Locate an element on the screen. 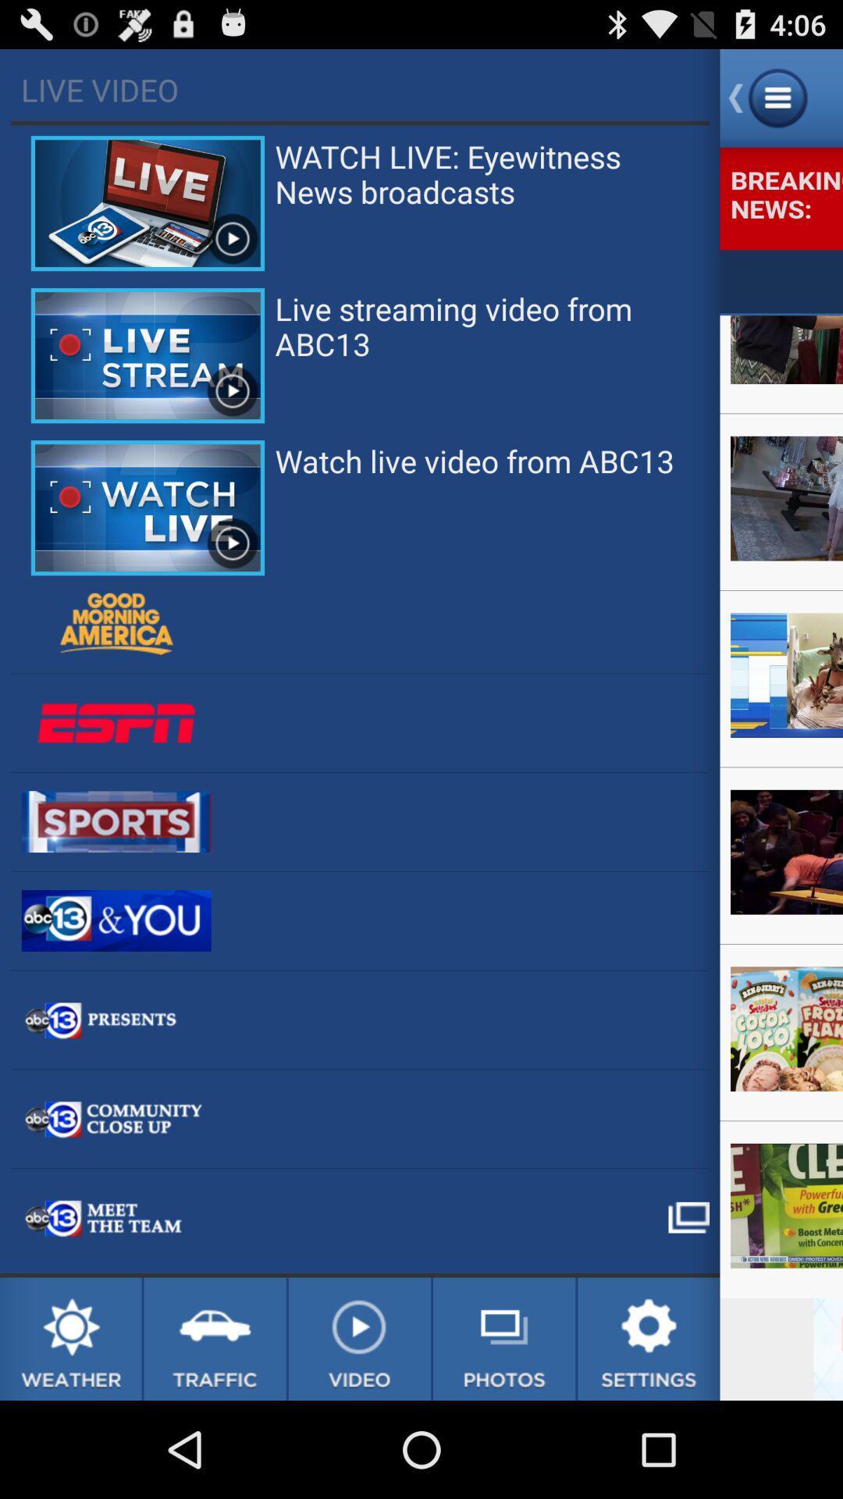  weather is located at coordinates (70, 1338).